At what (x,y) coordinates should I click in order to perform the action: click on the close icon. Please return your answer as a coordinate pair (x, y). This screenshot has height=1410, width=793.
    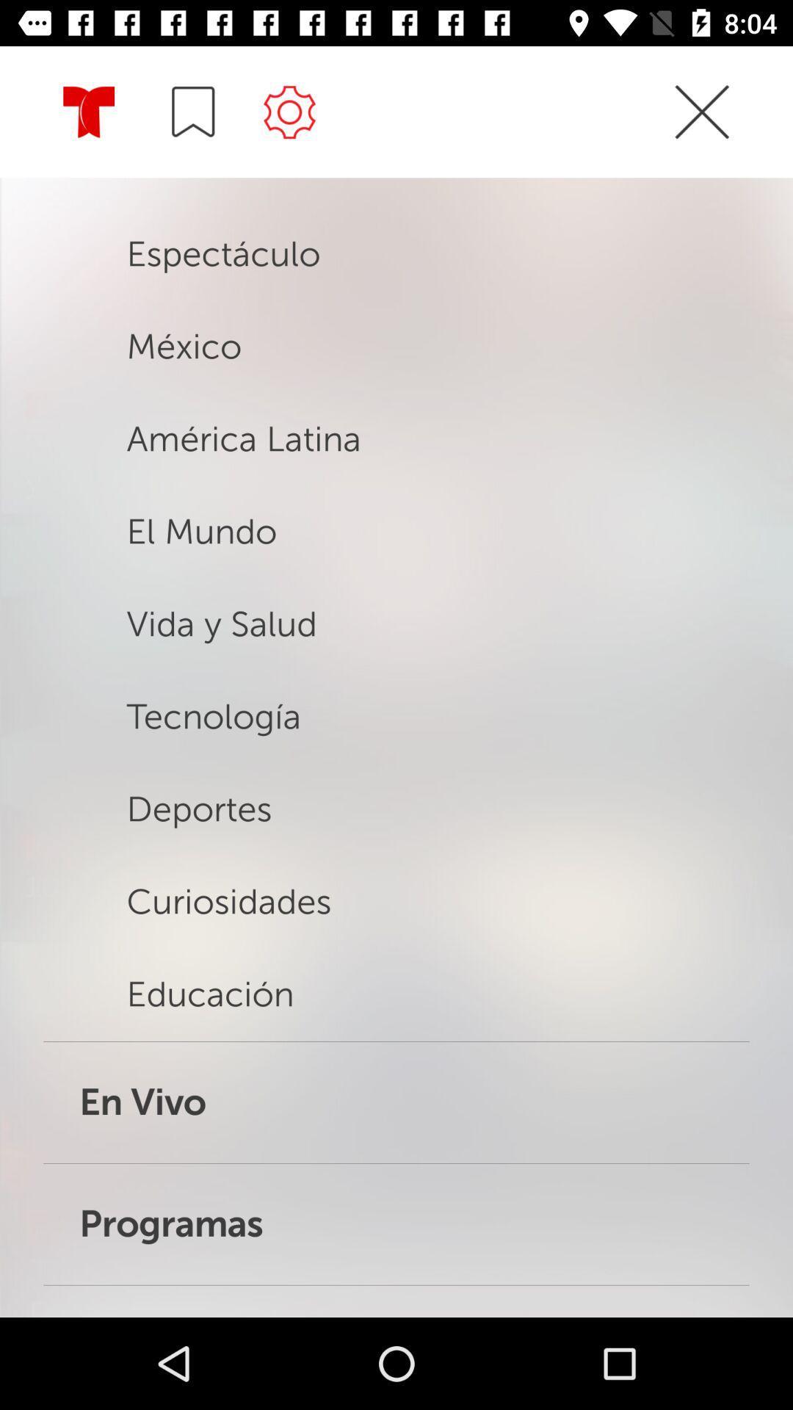
    Looking at the image, I should click on (701, 138).